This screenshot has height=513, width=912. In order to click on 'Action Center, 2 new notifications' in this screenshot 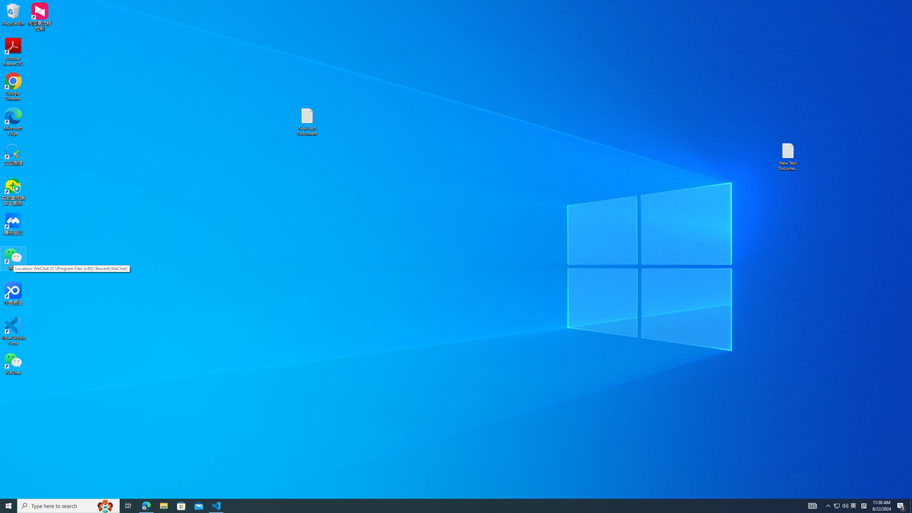, I will do `click(901, 505)`.